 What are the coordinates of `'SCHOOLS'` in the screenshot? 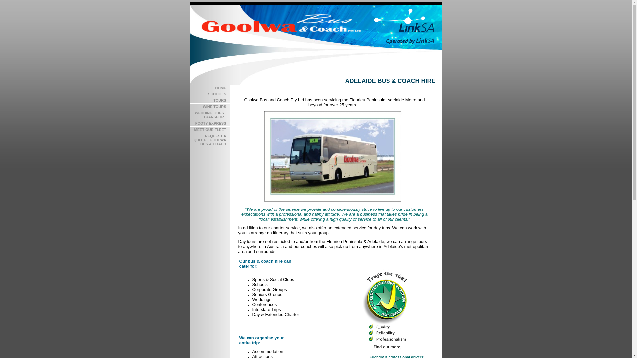 It's located at (209, 94).